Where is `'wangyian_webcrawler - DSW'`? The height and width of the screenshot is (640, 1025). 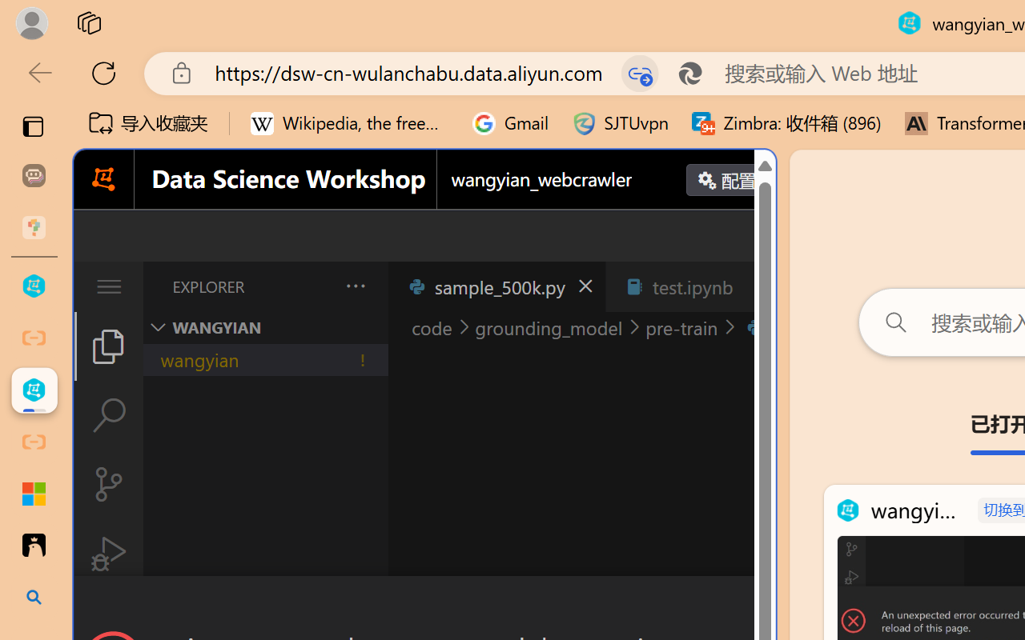 'wangyian_webcrawler - DSW' is located at coordinates (34, 390).